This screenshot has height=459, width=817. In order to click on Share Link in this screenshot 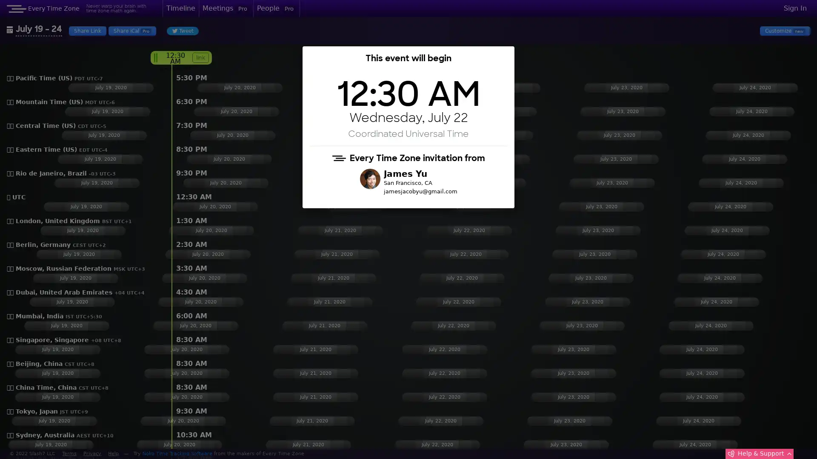, I will do `click(88, 30)`.